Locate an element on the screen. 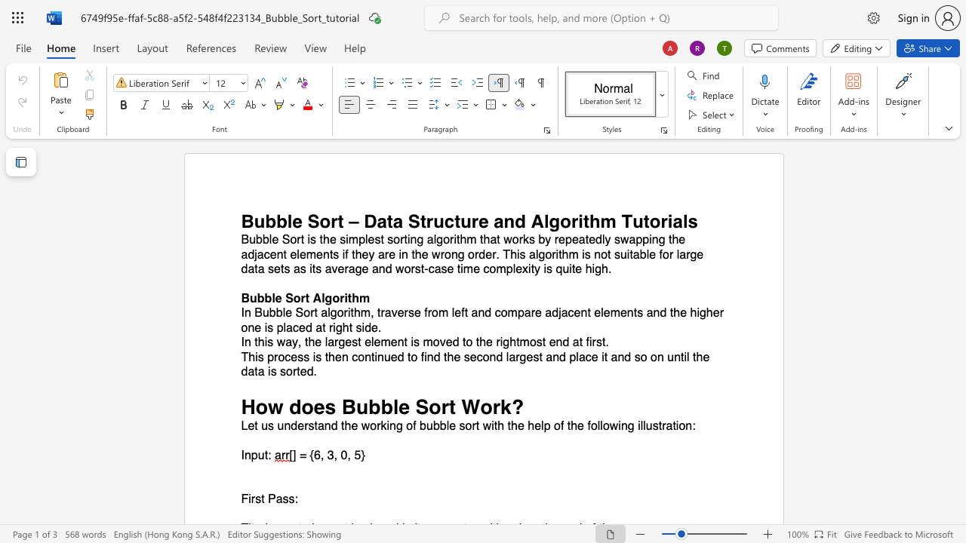  the 1th character "r" in the text is located at coordinates (253, 499).